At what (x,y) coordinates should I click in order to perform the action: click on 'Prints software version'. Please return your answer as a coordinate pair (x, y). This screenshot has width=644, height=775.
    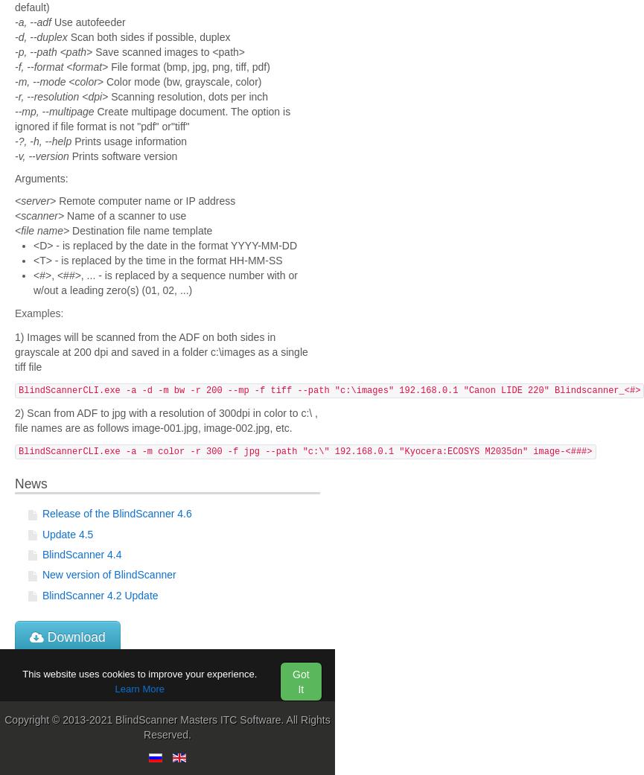
    Looking at the image, I should click on (122, 155).